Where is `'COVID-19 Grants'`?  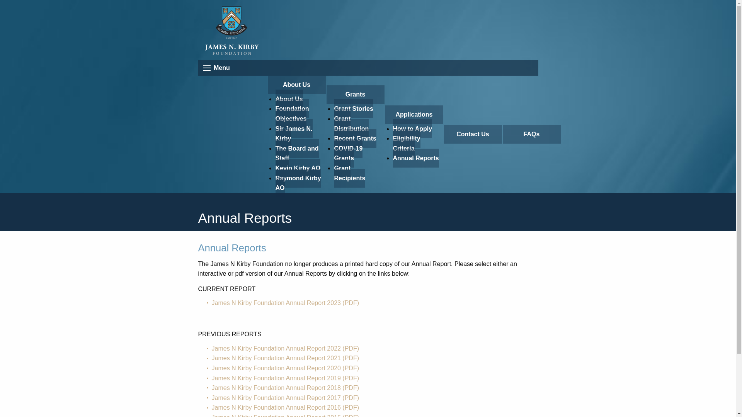 'COVID-19 Grants' is located at coordinates (348, 153).